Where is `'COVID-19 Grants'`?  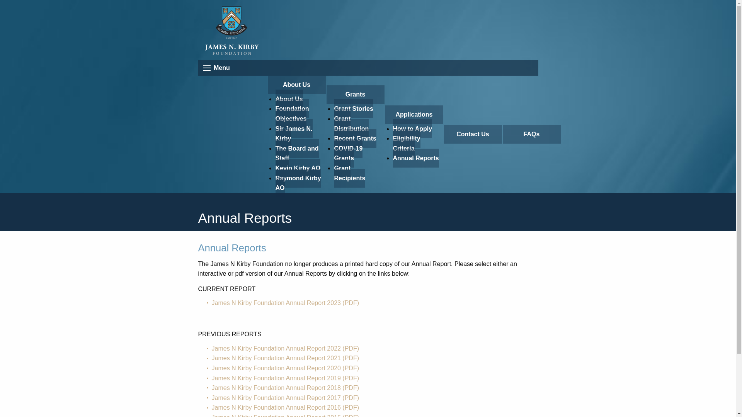 'COVID-19 Grants' is located at coordinates (348, 153).